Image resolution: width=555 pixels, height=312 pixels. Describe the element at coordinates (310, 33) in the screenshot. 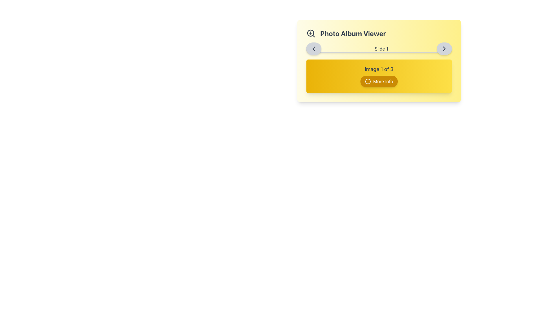

I see `the magnifying glass icon with a plus sign at its center, located to the left of the text 'Photo Album Viewer'` at that location.